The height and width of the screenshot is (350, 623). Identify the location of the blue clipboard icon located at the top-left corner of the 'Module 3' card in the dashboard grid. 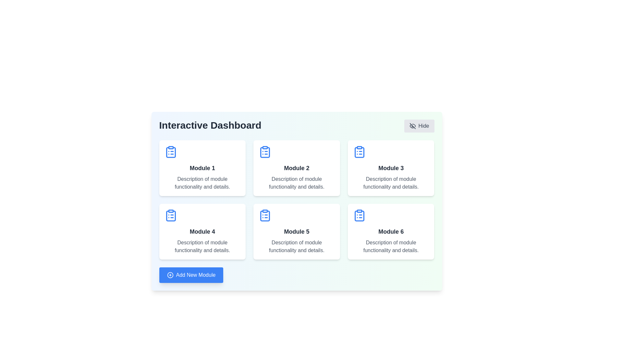
(359, 152).